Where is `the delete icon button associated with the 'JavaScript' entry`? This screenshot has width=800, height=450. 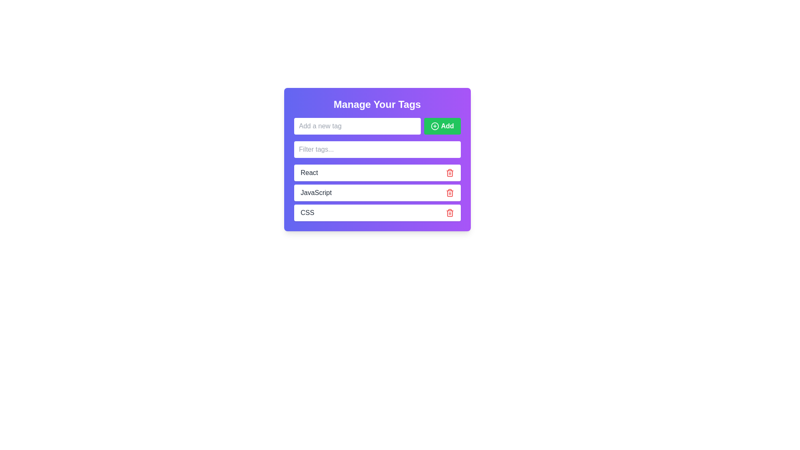 the delete icon button associated with the 'JavaScript' entry is located at coordinates (449, 192).